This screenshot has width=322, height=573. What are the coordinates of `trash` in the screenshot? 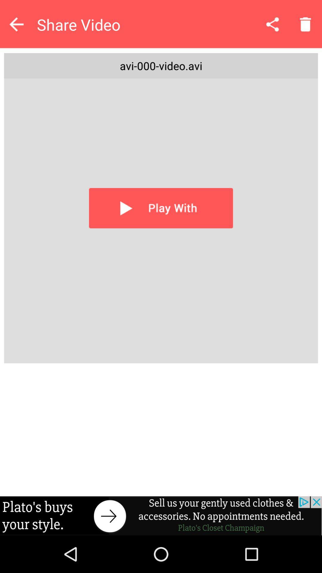 It's located at (305, 24).